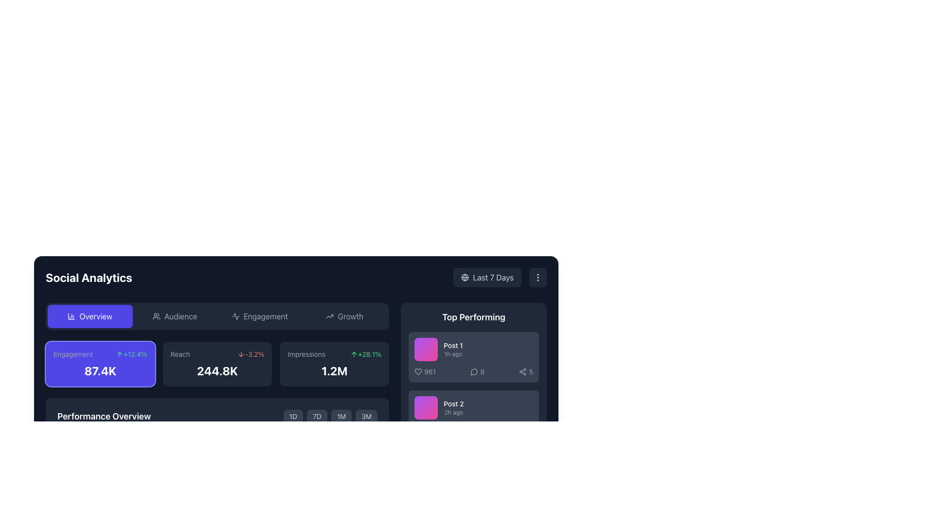 This screenshot has height=525, width=934. I want to click on the column chart icon located inside the 'Overview' button at the top left of the main content area, so click(71, 316).